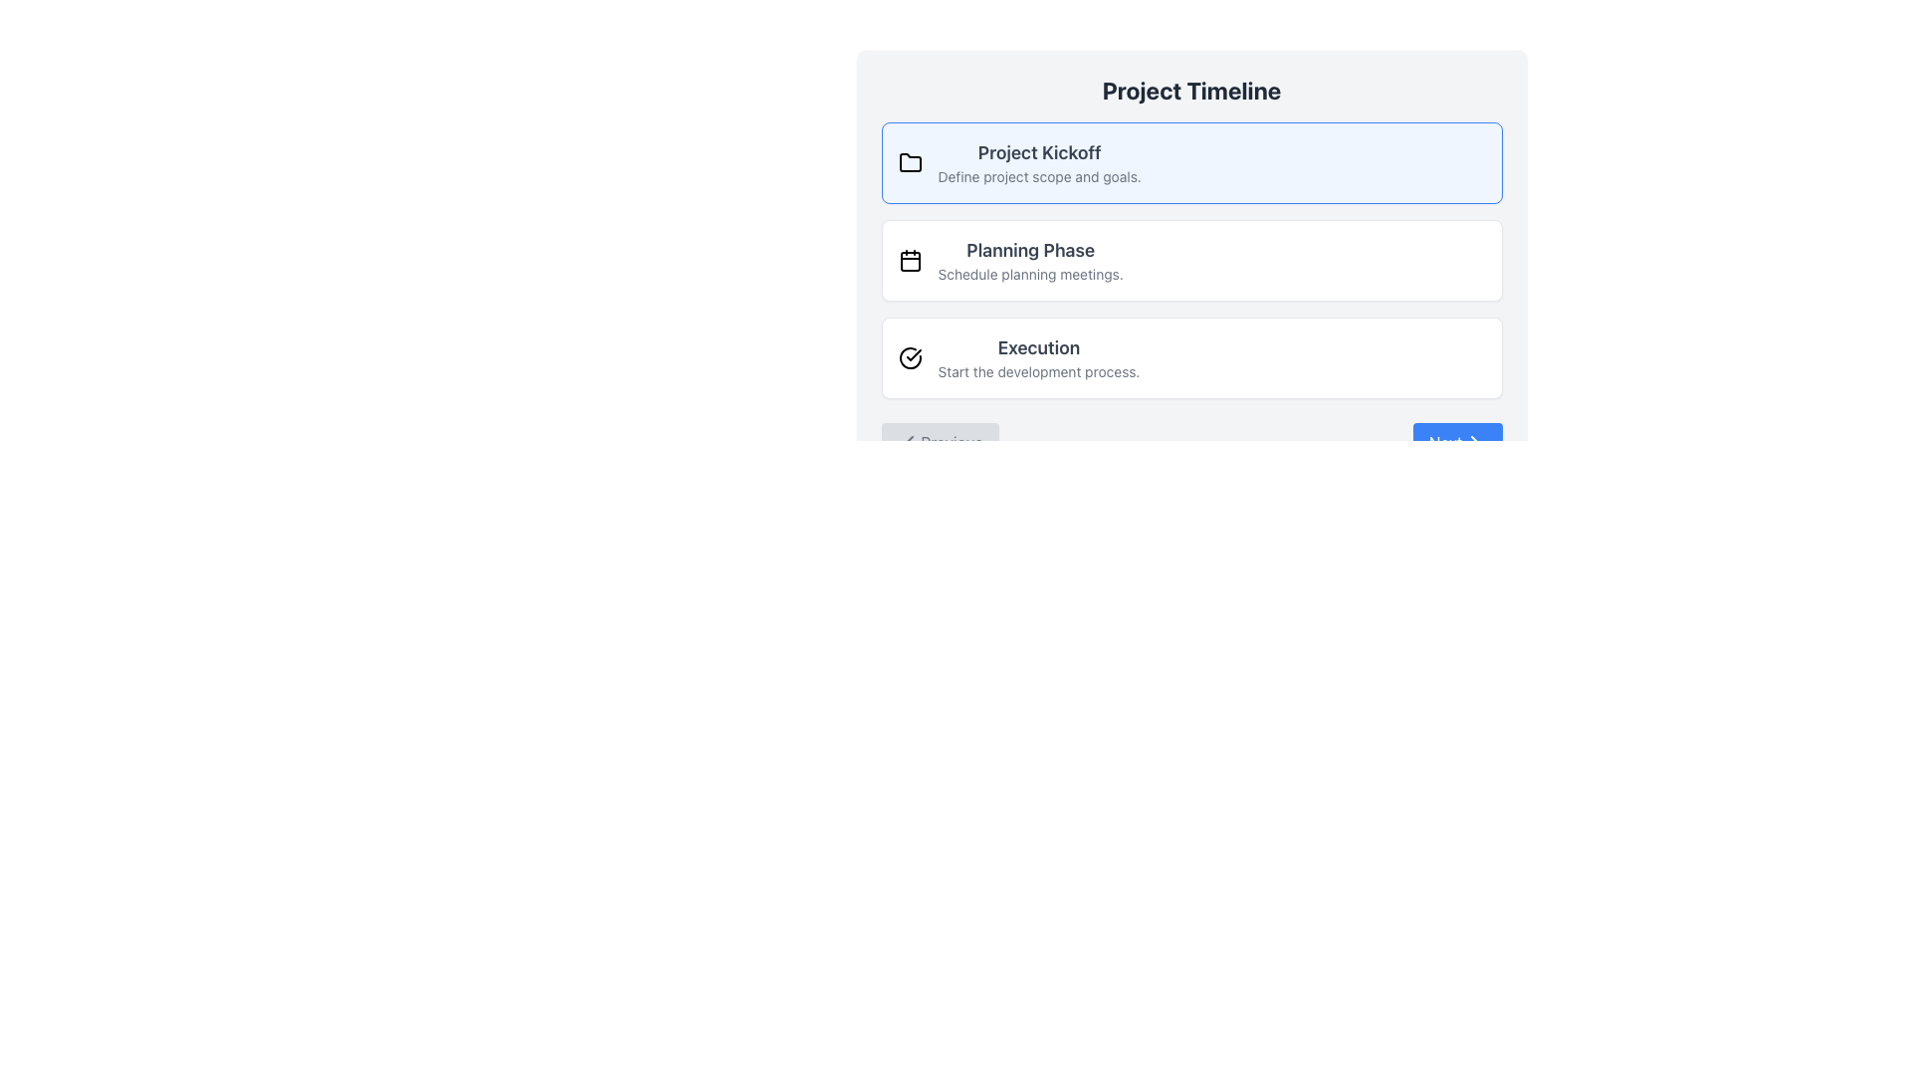  I want to click on the descriptive subtitle text label located directly below the 'Project Kickoff' heading in the 'Project Timeline' interface, so click(1038, 175).